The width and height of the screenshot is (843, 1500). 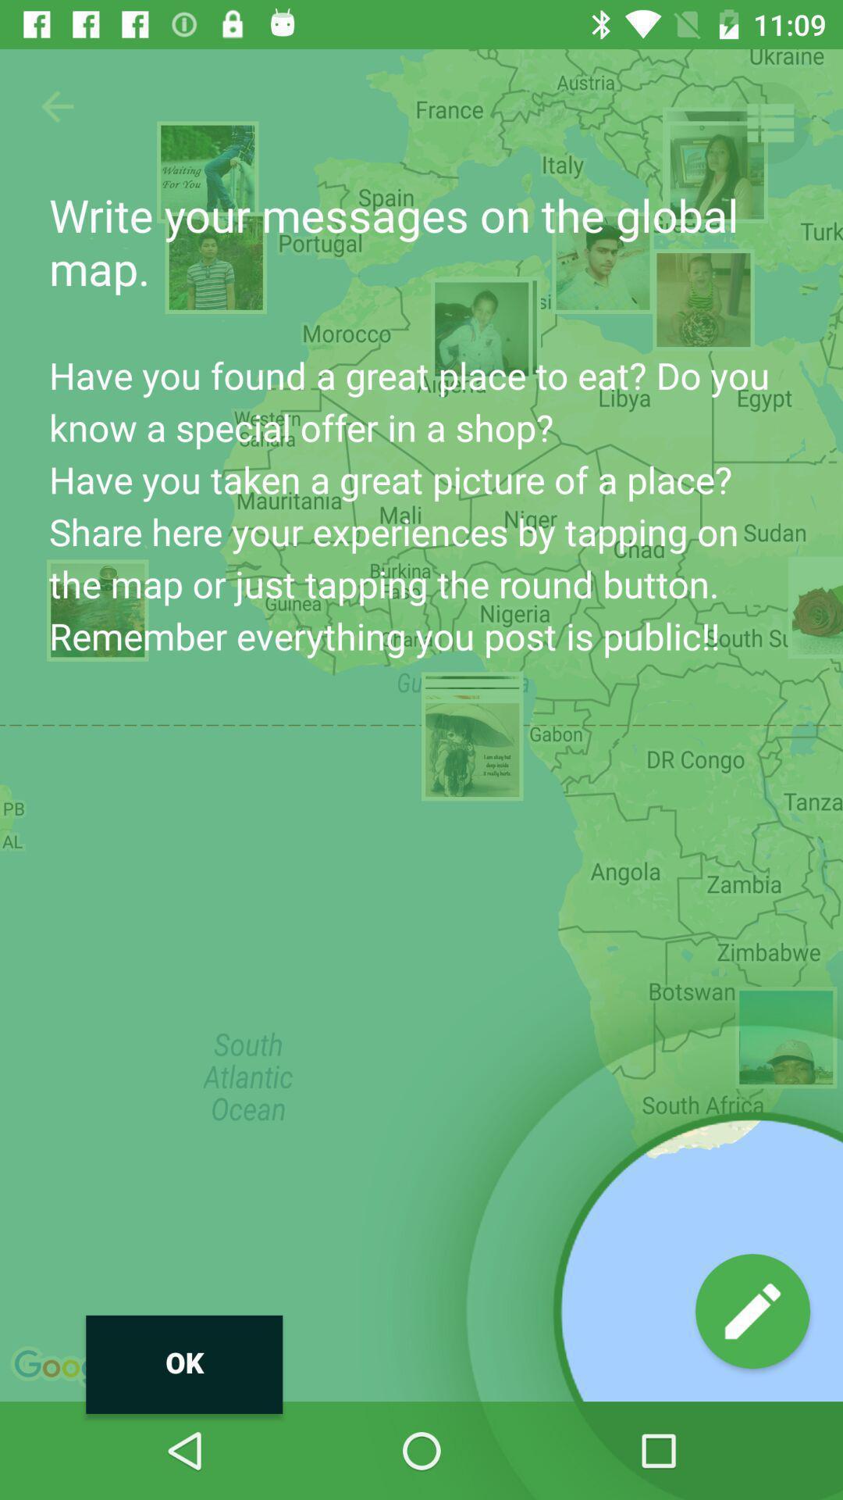 I want to click on the icon at the bottom right corner, so click(x=752, y=1311).